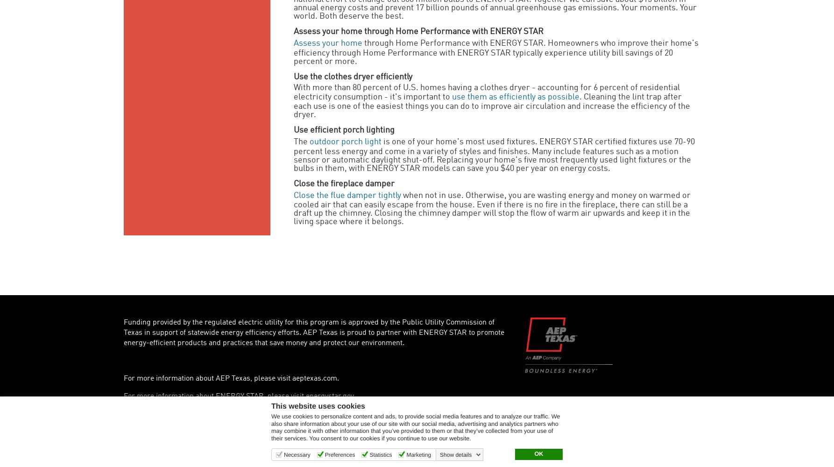 The height and width of the screenshot is (467, 834). Describe the element at coordinates (347, 195) in the screenshot. I see `'Close the flue damper tightly'` at that location.